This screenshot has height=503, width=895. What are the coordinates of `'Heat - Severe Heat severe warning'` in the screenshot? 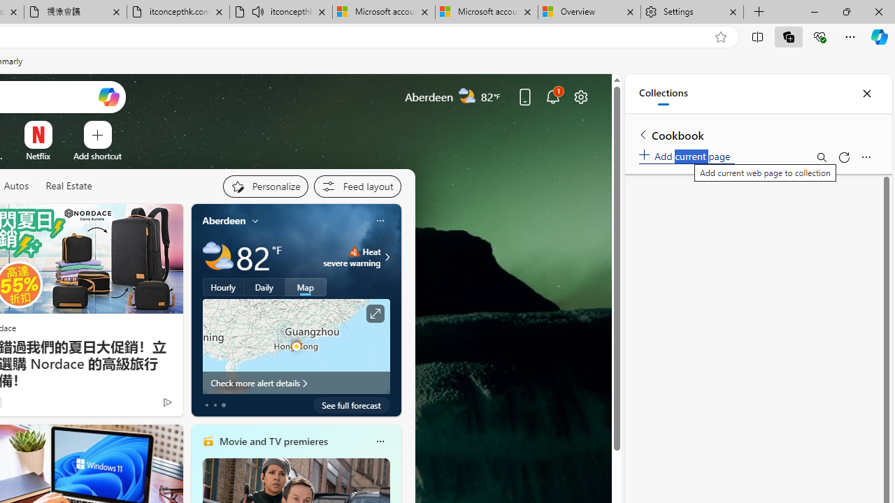 It's located at (352, 256).